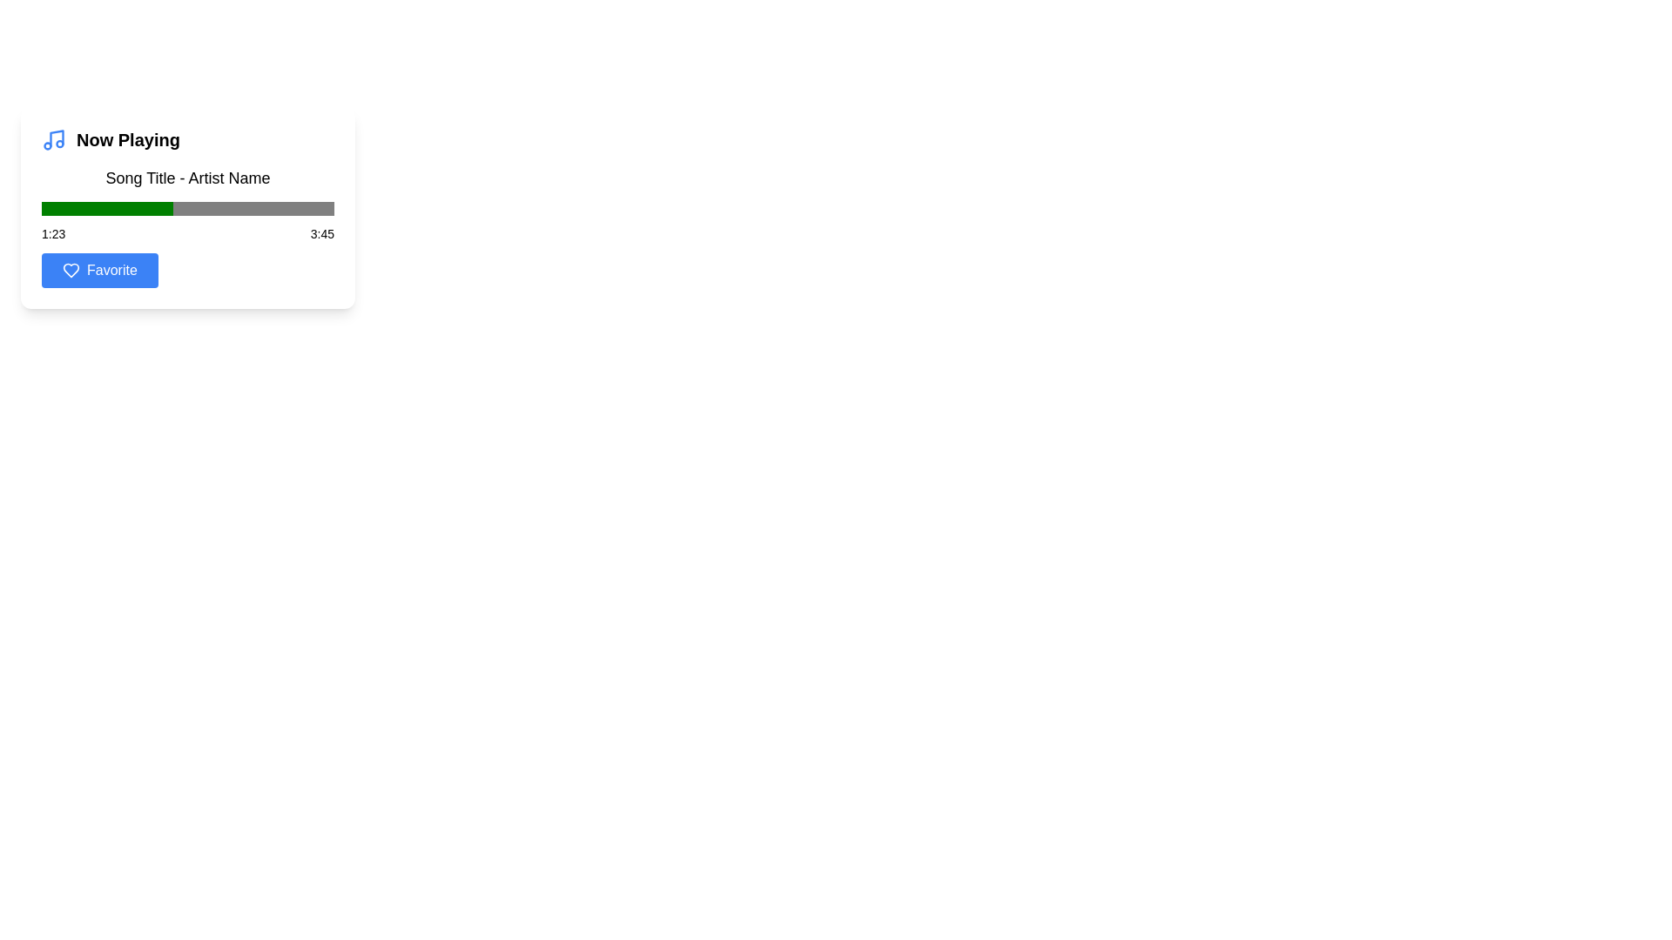  What do you see at coordinates (188, 220) in the screenshot?
I see `the progress bar located below the text 'Song Title - Artist Name' and above the 'Favorite' button to seek to a specific time` at bounding box center [188, 220].